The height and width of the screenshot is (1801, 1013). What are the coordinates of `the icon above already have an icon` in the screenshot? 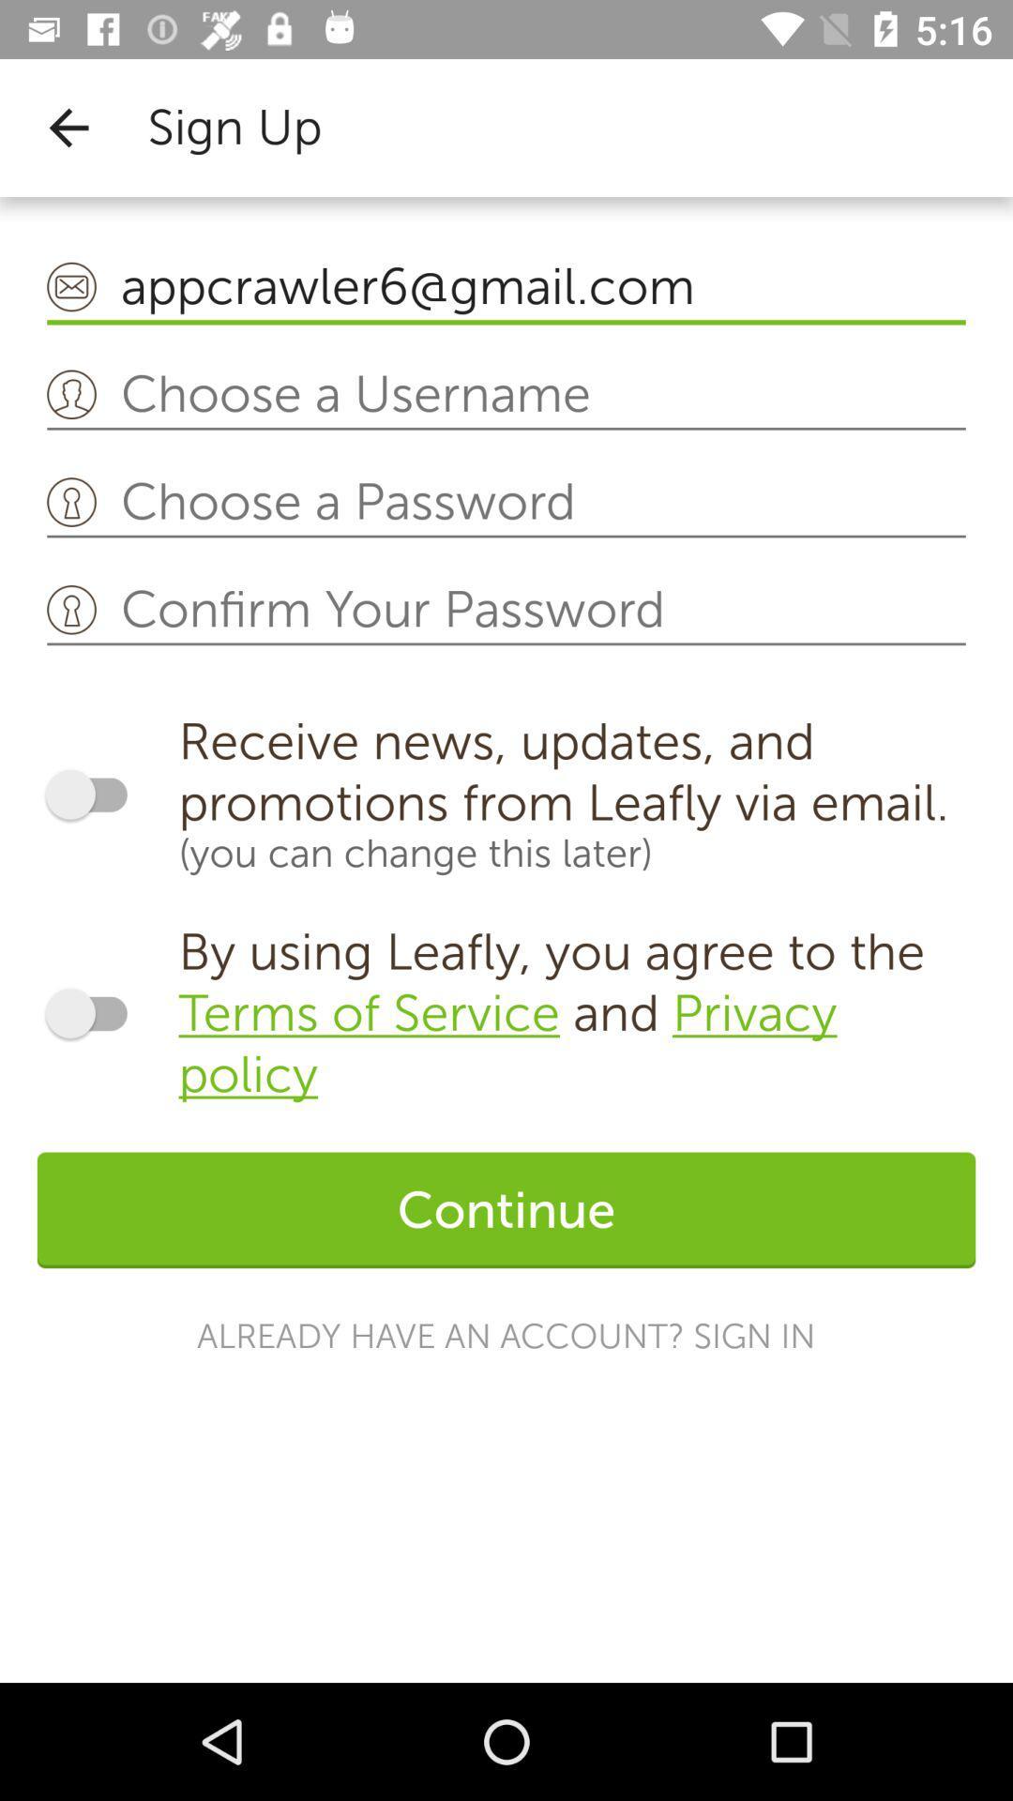 It's located at (506, 1210).